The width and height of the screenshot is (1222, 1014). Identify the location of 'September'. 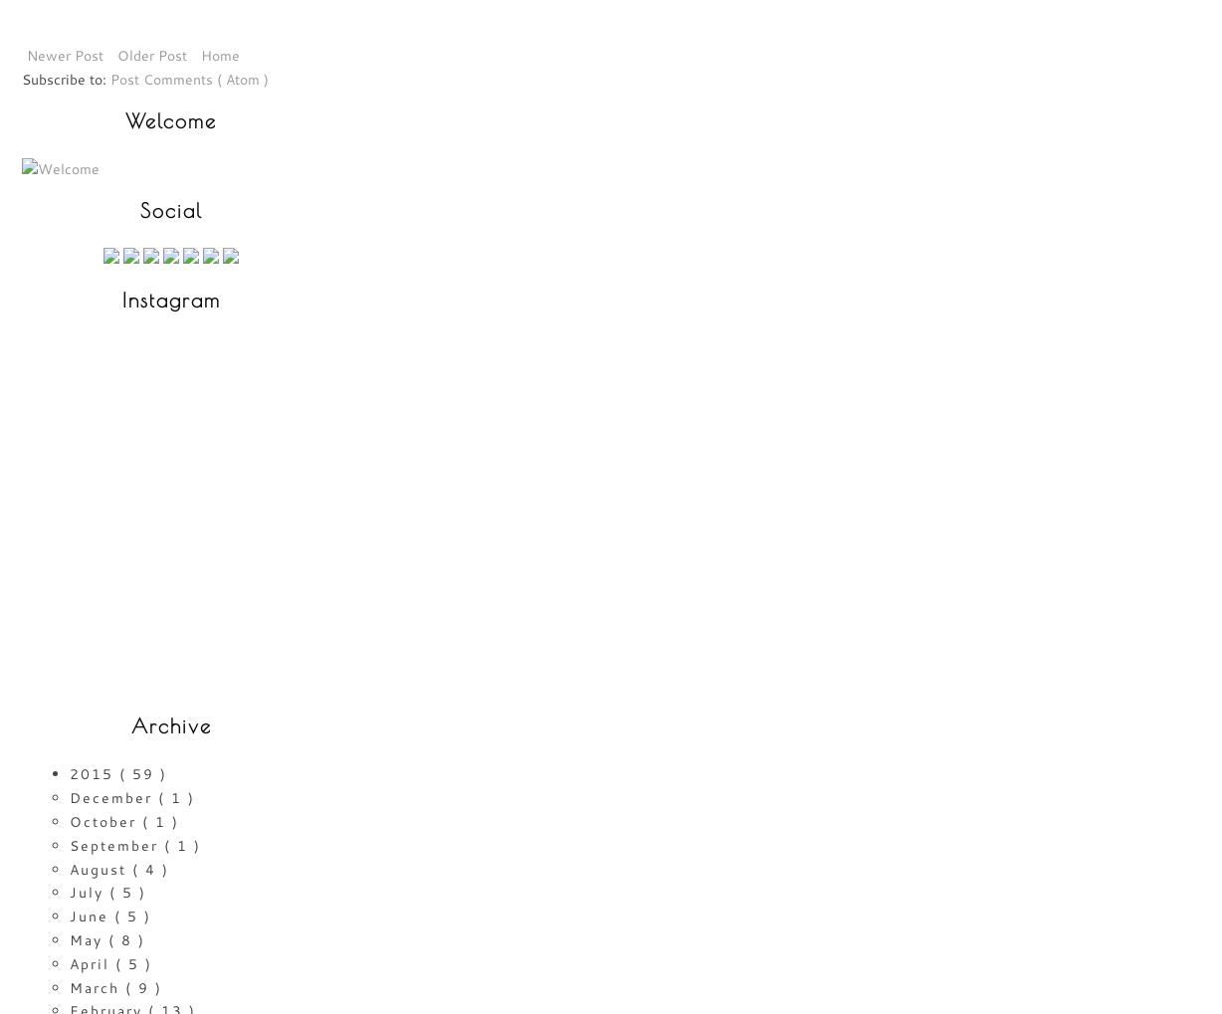
(69, 844).